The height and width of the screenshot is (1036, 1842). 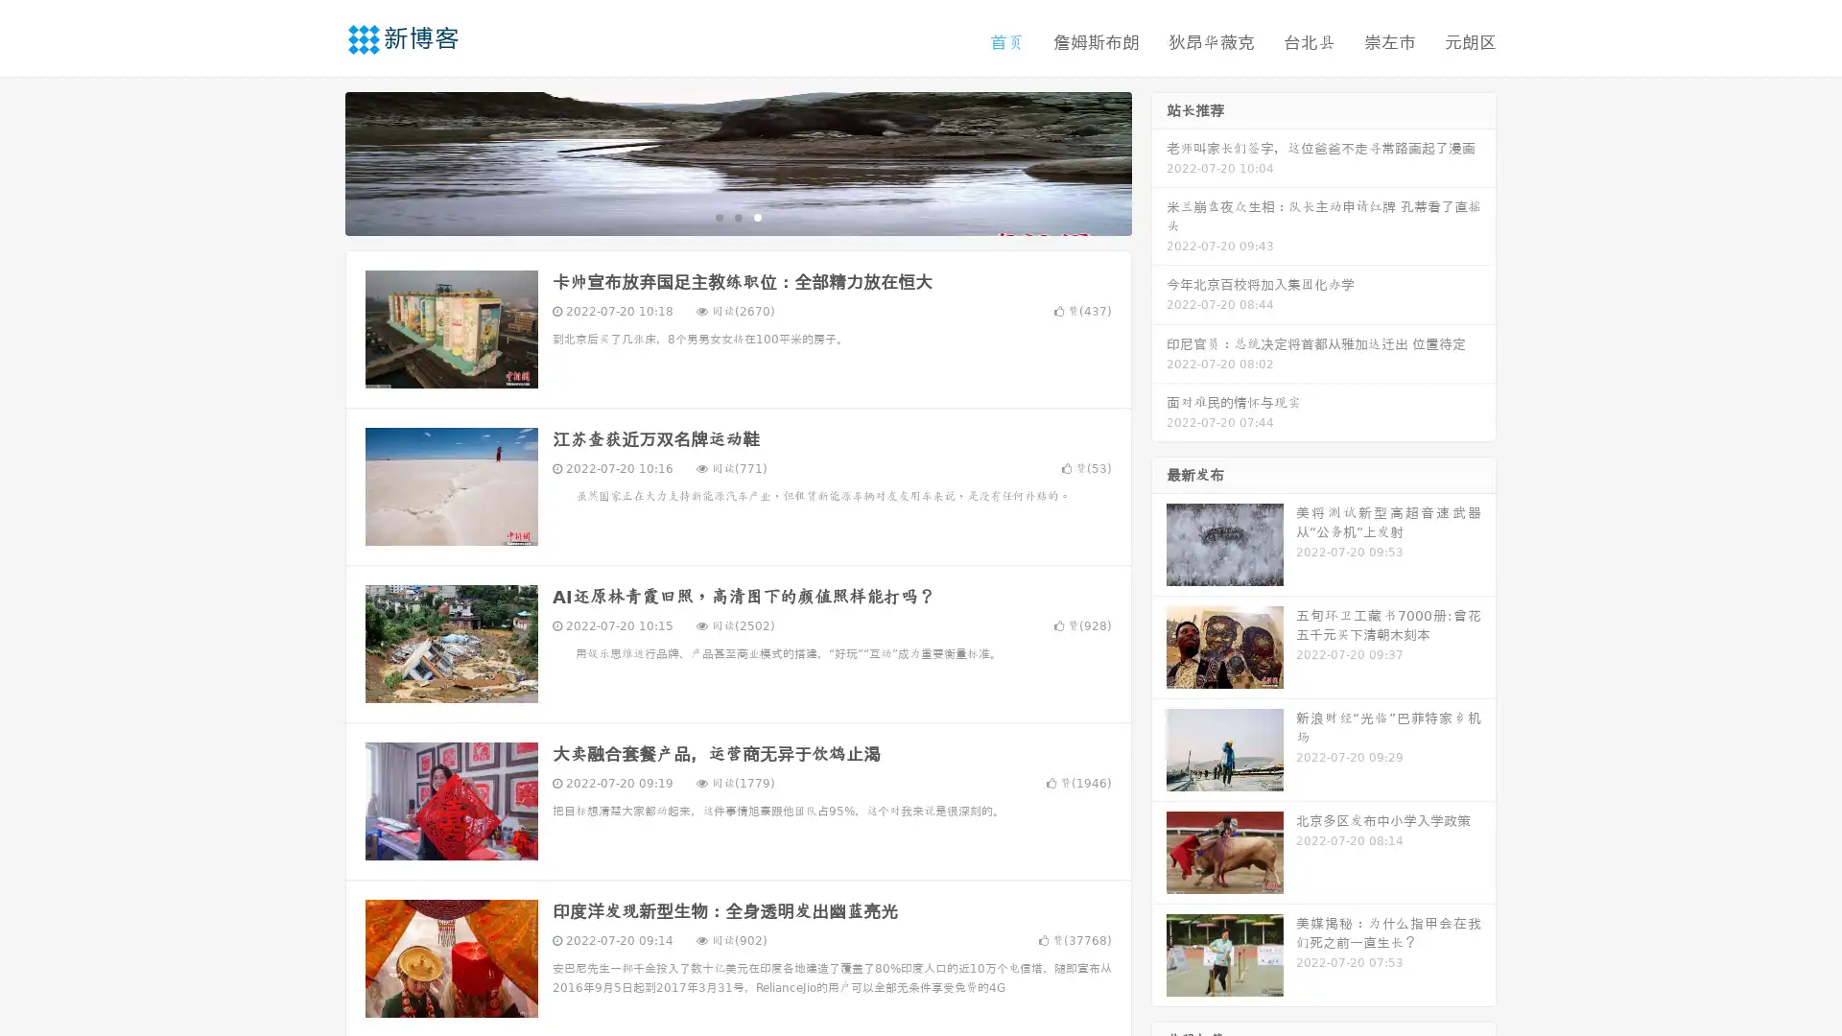 I want to click on Go to slide 1, so click(x=718, y=216).